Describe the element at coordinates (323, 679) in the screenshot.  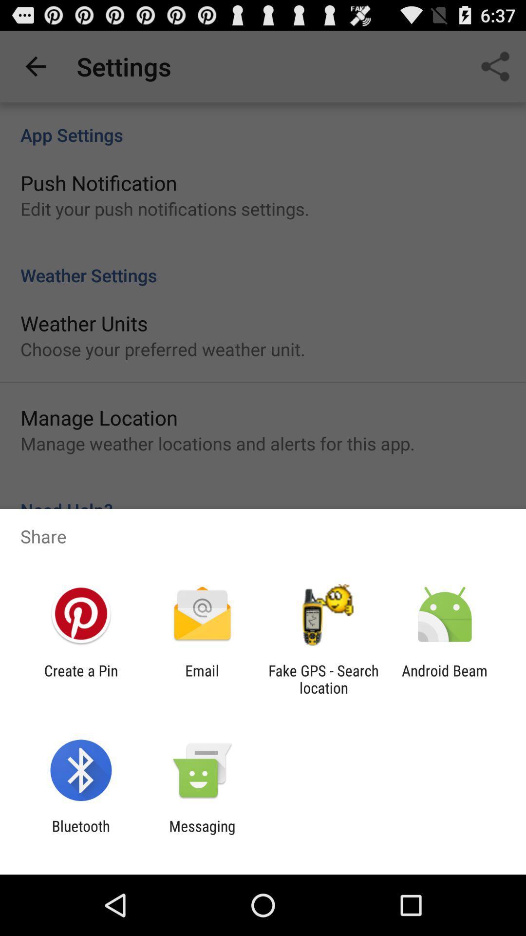
I see `the icon next to android beam item` at that location.